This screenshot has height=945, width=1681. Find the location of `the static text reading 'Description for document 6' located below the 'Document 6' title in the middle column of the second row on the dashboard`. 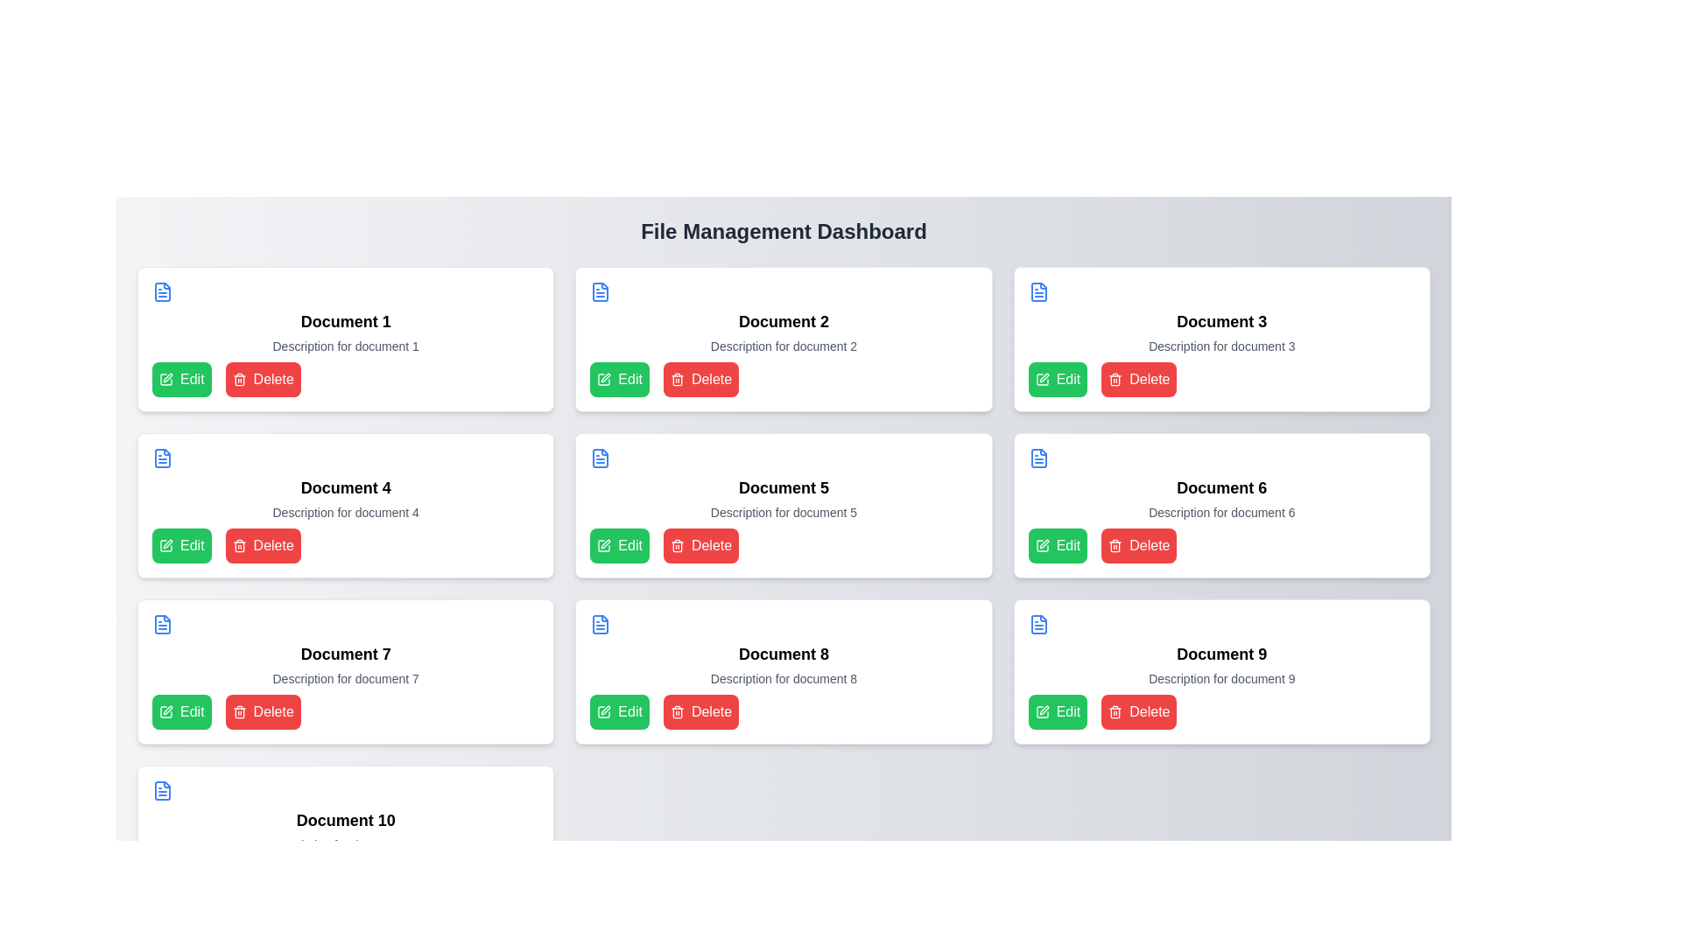

the static text reading 'Description for document 6' located below the 'Document 6' title in the middle column of the second row on the dashboard is located at coordinates (1220, 512).